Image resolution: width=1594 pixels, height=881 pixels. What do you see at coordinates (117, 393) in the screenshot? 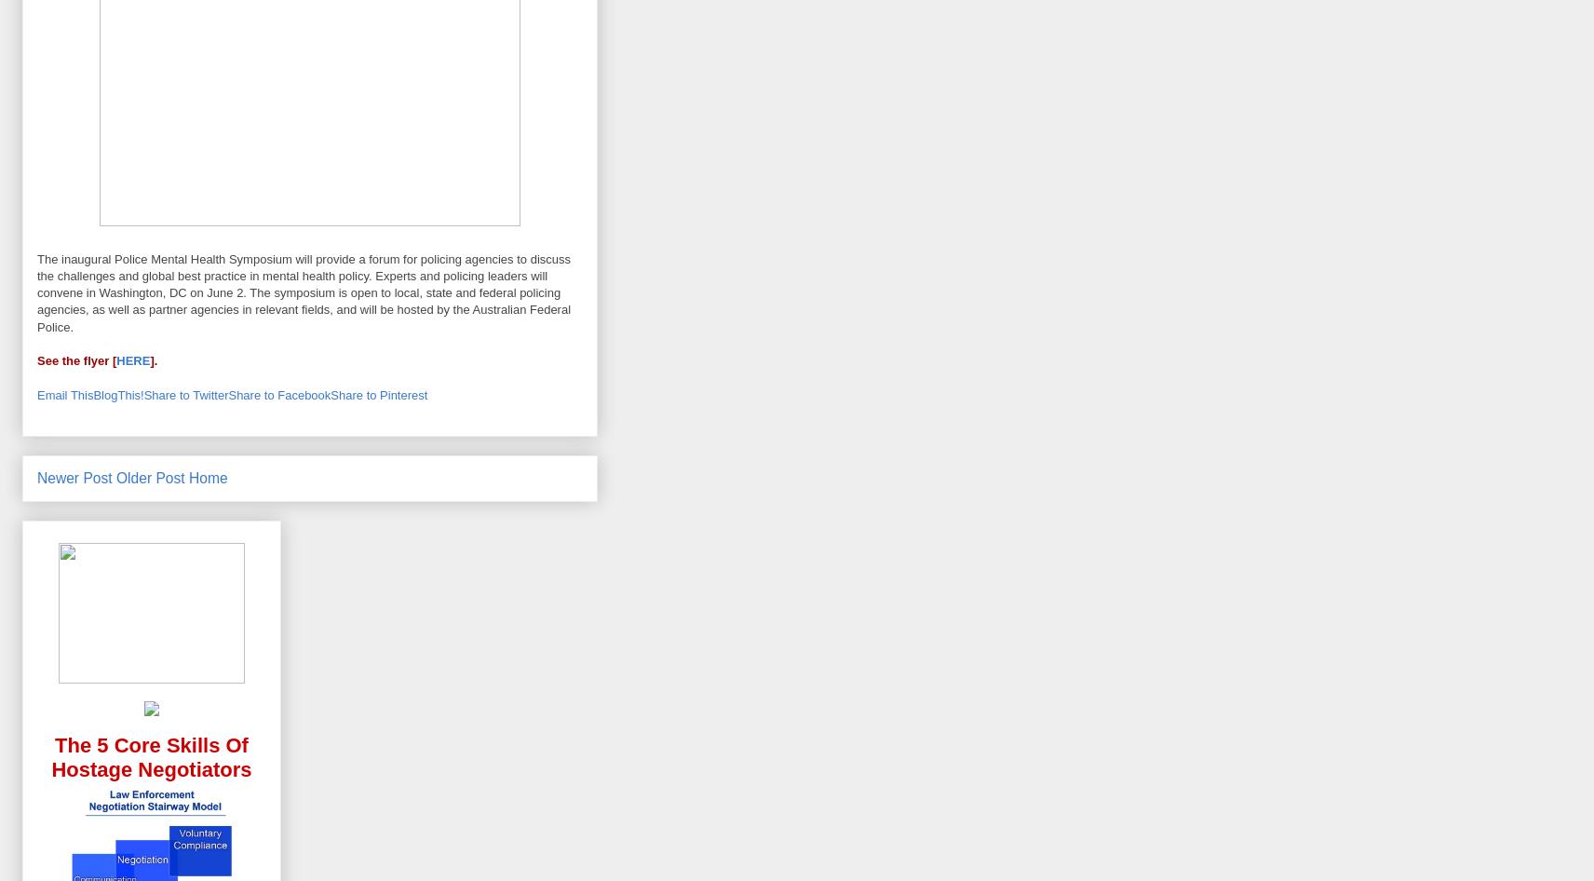
I see `'BlogThis!'` at bounding box center [117, 393].